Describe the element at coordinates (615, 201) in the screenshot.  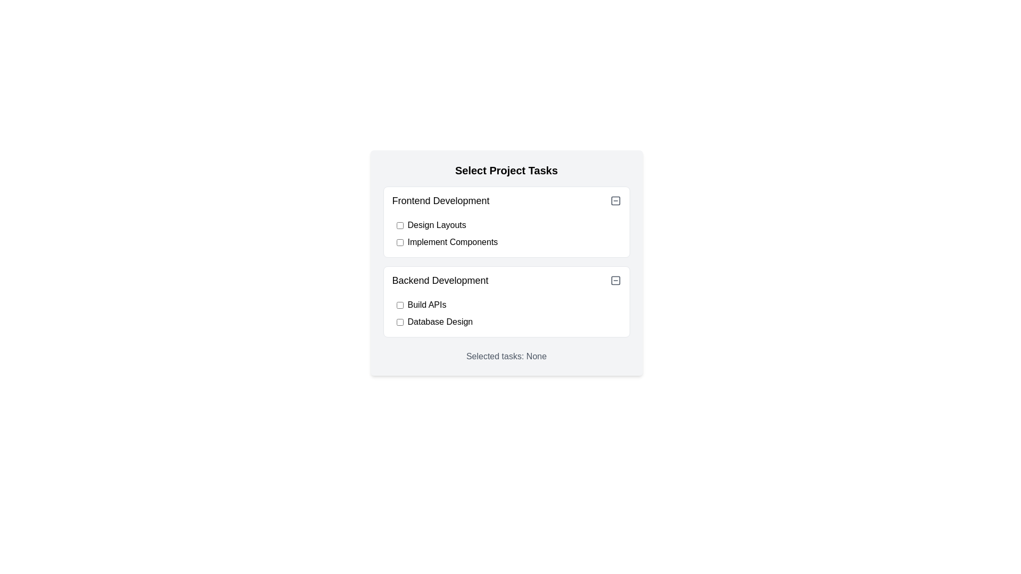
I see `the rounded square-shaped icon located in the top-right corner of the 'Frontend Development' section` at that location.